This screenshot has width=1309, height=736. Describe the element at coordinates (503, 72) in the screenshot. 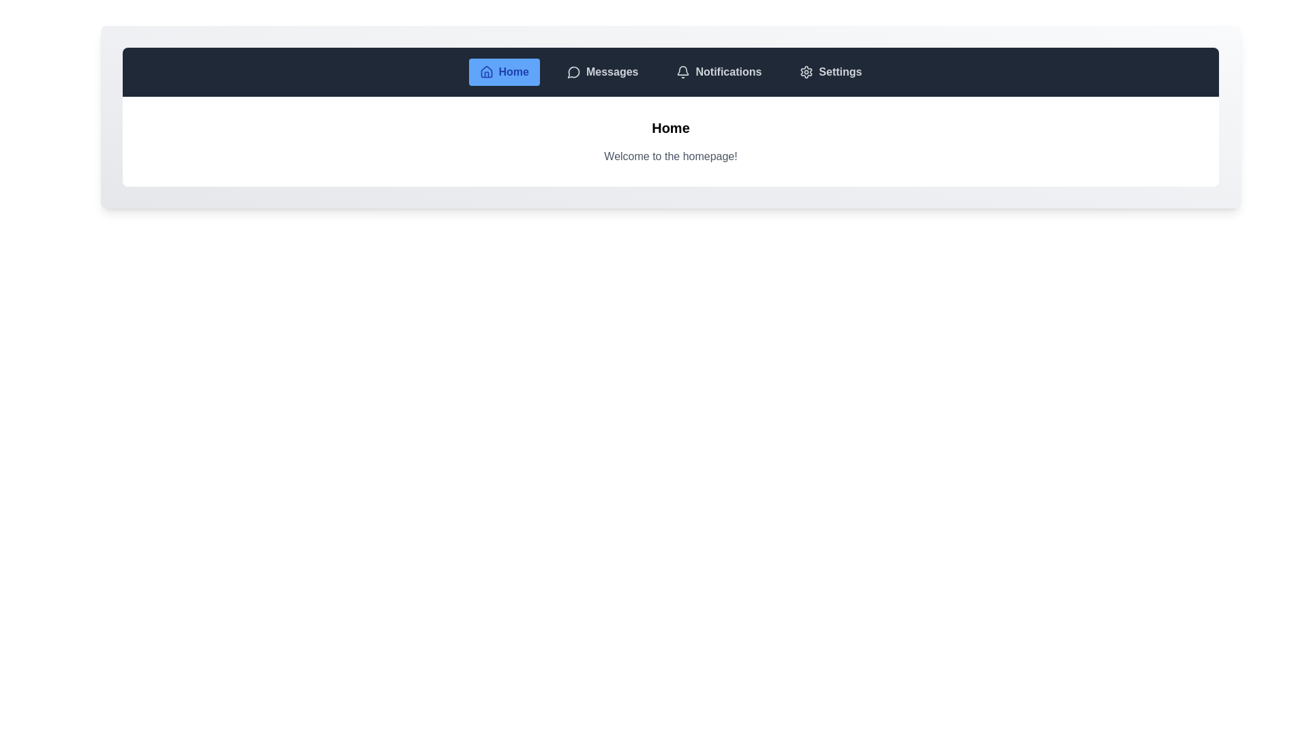

I see `the tab labeled Home to observe its hover effect` at that location.